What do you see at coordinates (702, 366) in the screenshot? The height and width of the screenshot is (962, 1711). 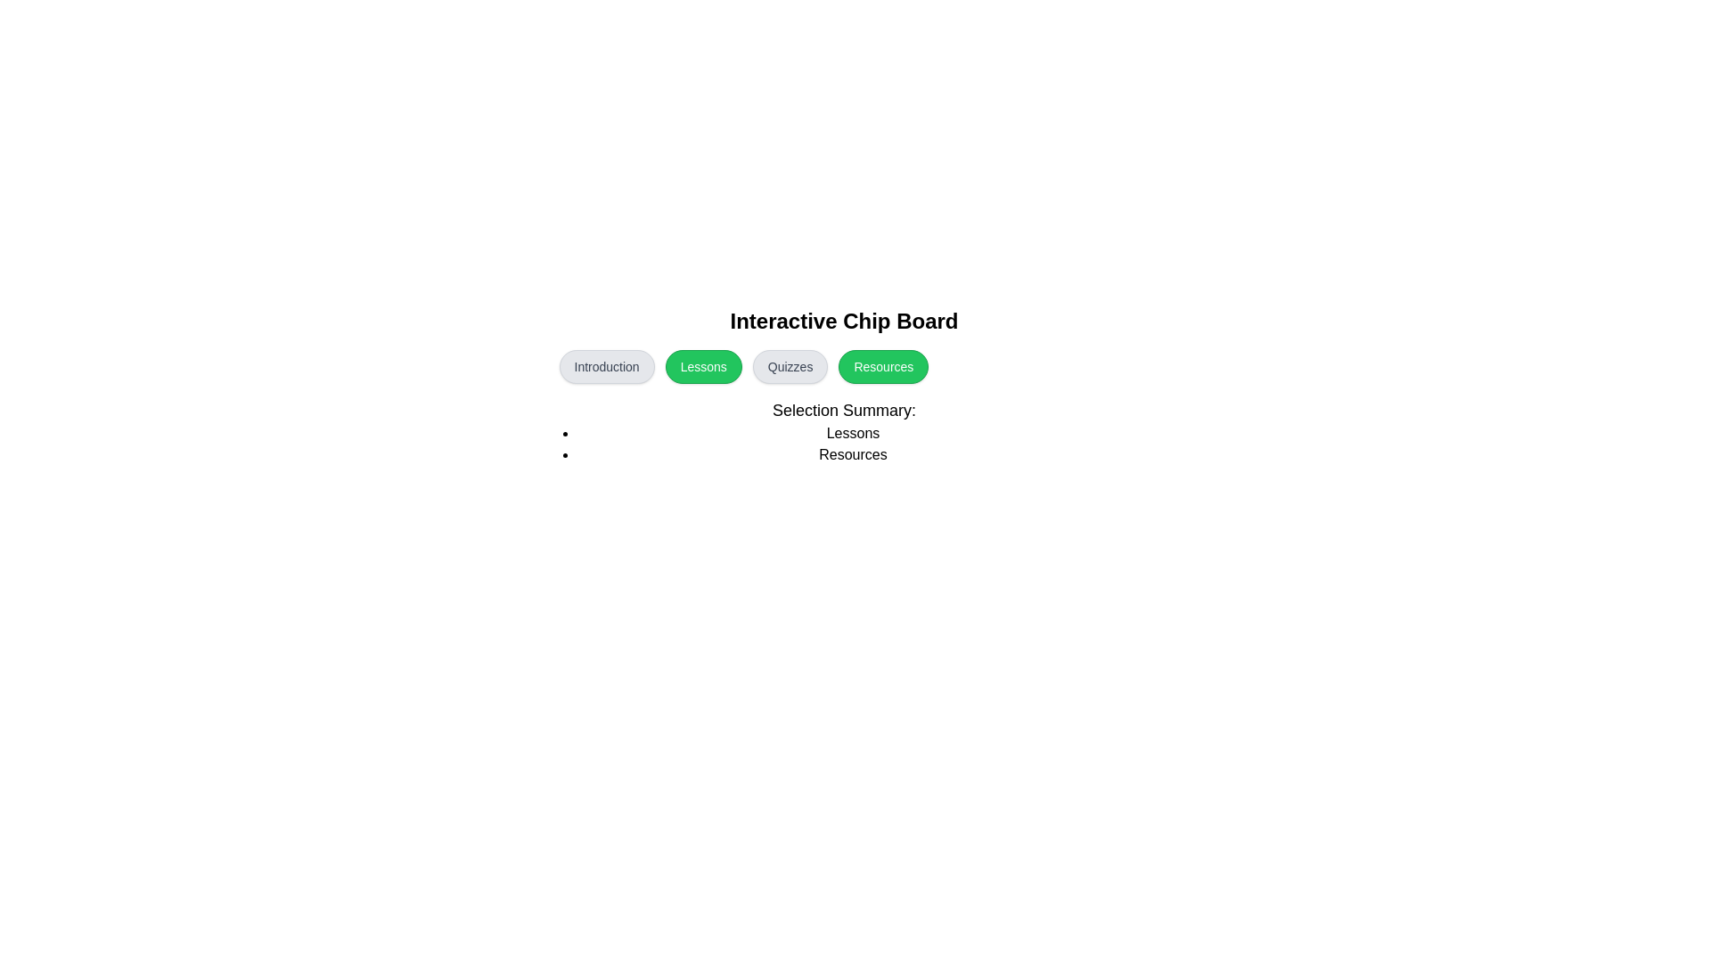 I see `the green pill-shaped button labeled 'Lessons'` at bounding box center [702, 366].